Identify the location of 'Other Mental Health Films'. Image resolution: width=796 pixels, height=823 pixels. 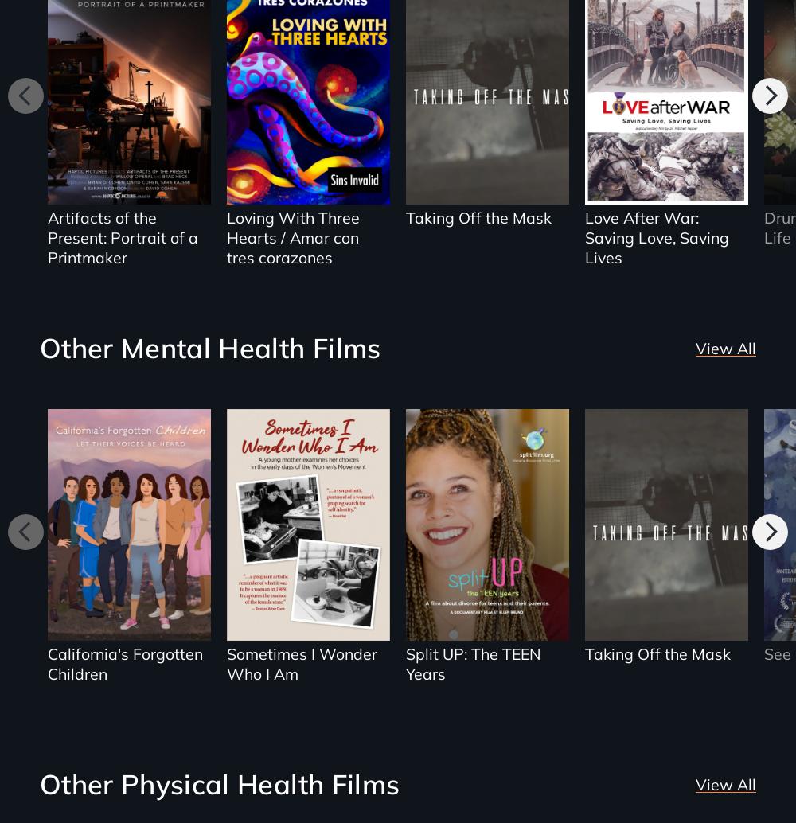
(40, 347).